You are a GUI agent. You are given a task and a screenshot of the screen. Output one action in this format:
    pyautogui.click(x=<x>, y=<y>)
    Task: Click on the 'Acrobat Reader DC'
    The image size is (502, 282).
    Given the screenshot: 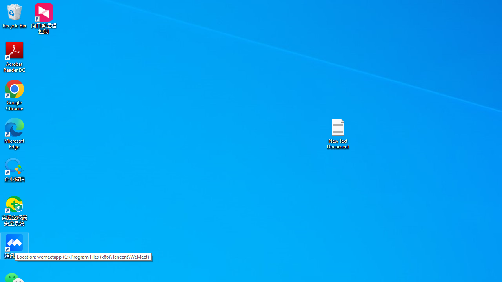 What is the action you would take?
    pyautogui.click(x=15, y=56)
    